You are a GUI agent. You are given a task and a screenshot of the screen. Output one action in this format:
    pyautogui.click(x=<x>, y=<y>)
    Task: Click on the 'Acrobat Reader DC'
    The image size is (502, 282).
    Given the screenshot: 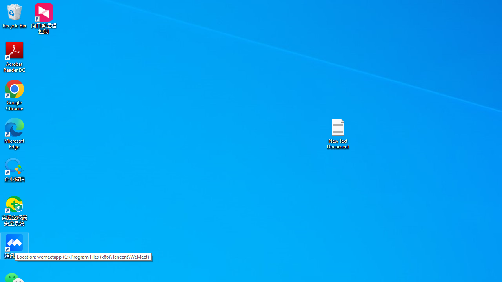 What is the action you would take?
    pyautogui.click(x=15, y=56)
    